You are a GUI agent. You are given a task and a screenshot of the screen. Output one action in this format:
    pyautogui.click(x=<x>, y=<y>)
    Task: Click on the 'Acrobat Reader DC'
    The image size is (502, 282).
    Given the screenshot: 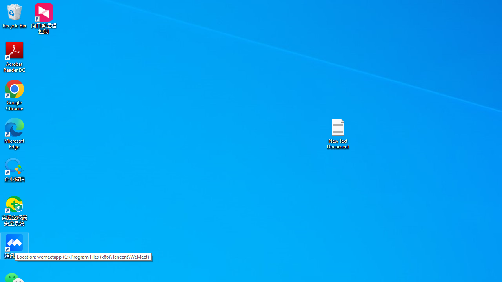 What is the action you would take?
    pyautogui.click(x=15, y=56)
    